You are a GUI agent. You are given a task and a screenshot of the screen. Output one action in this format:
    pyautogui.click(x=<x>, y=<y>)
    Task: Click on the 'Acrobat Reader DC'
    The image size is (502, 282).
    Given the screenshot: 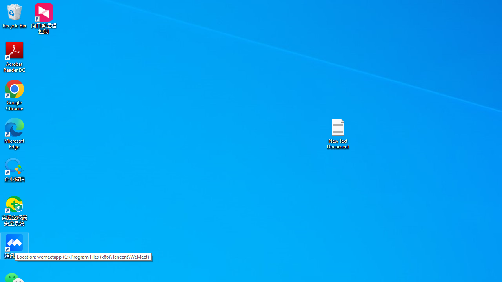 What is the action you would take?
    pyautogui.click(x=15, y=56)
    